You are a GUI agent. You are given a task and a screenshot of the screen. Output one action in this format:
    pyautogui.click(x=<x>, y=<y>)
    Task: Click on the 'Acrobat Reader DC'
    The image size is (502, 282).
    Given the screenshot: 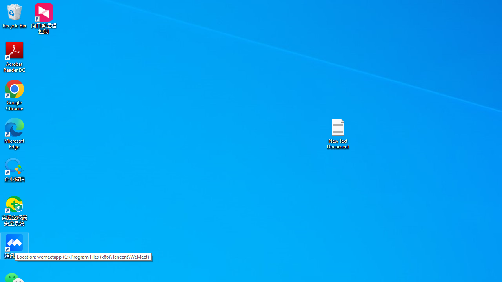 What is the action you would take?
    pyautogui.click(x=15, y=56)
    